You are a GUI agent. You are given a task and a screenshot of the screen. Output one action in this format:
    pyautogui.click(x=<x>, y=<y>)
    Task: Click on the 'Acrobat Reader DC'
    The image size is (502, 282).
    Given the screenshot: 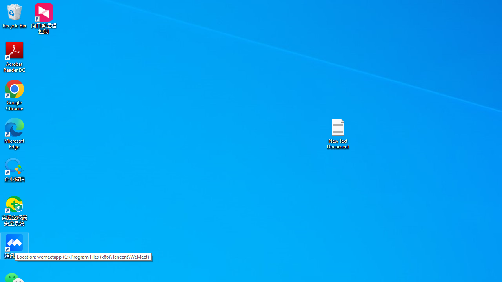 What is the action you would take?
    pyautogui.click(x=15, y=56)
    